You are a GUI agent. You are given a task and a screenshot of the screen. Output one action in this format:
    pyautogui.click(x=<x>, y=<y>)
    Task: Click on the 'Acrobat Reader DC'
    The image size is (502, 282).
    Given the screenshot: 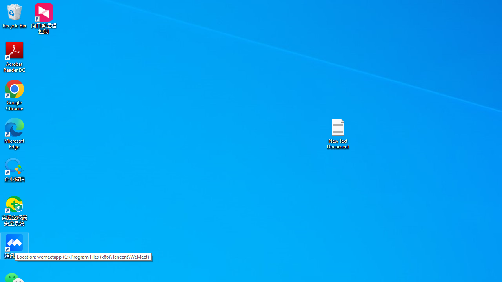 What is the action you would take?
    pyautogui.click(x=15, y=56)
    